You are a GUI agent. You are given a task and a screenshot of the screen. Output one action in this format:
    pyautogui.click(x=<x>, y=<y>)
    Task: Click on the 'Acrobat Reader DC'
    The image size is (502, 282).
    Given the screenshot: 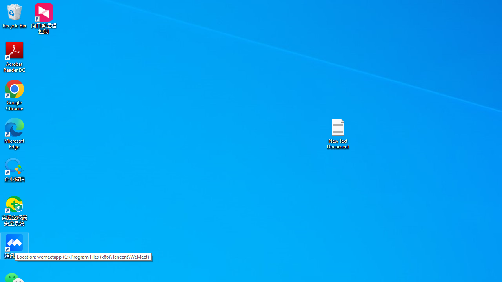 What is the action you would take?
    pyautogui.click(x=15, y=56)
    